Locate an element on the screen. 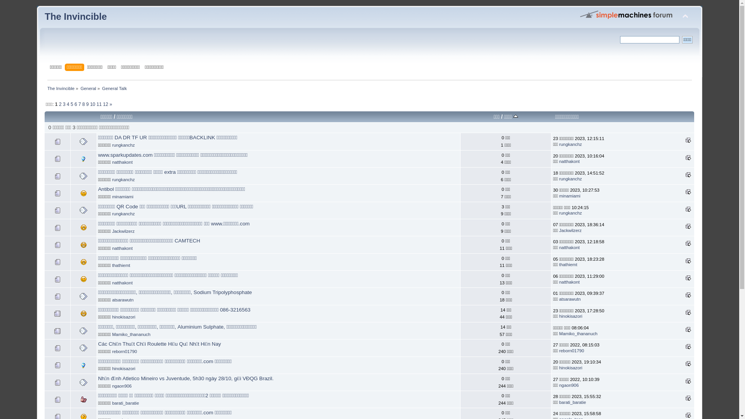  'rungkanchz' is located at coordinates (123, 214).